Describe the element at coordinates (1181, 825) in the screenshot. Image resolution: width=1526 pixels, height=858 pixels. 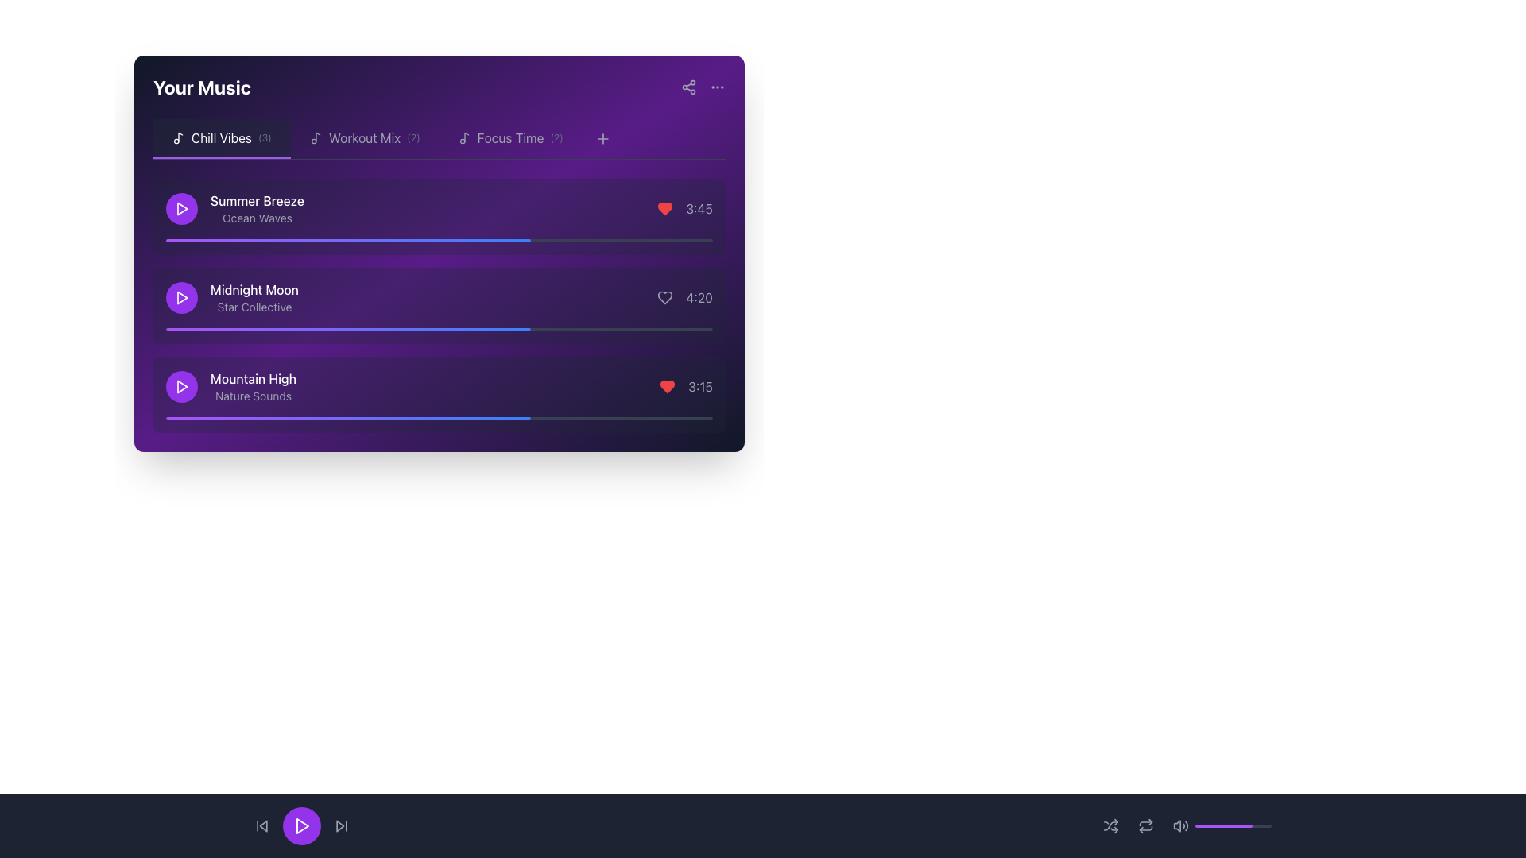
I see `the speaker icon with sound waves located at the bottom-right corner of the music player interface` at that location.